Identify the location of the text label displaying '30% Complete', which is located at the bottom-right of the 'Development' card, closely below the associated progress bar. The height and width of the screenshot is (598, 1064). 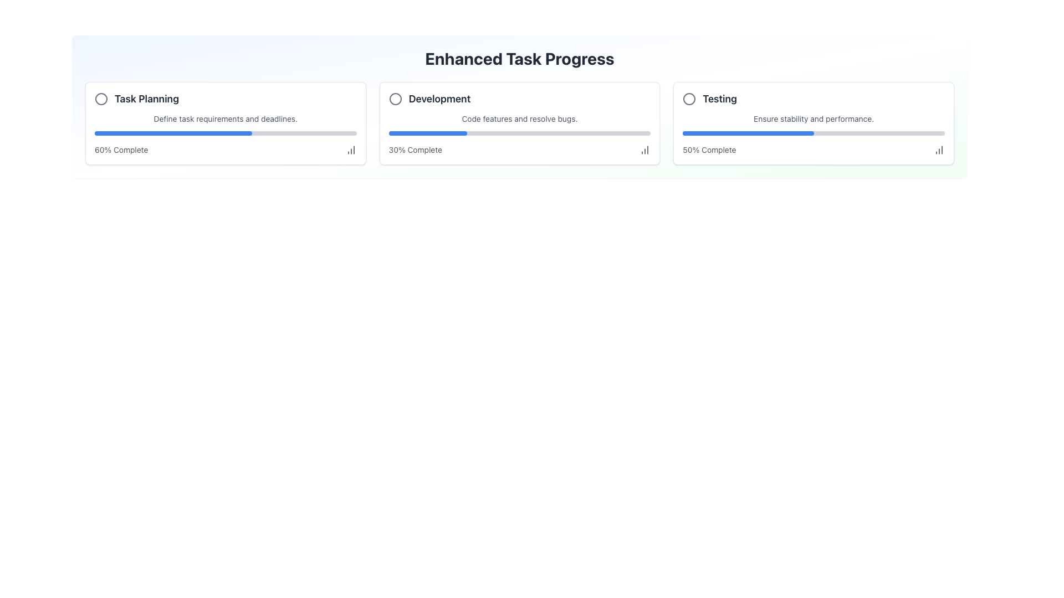
(415, 149).